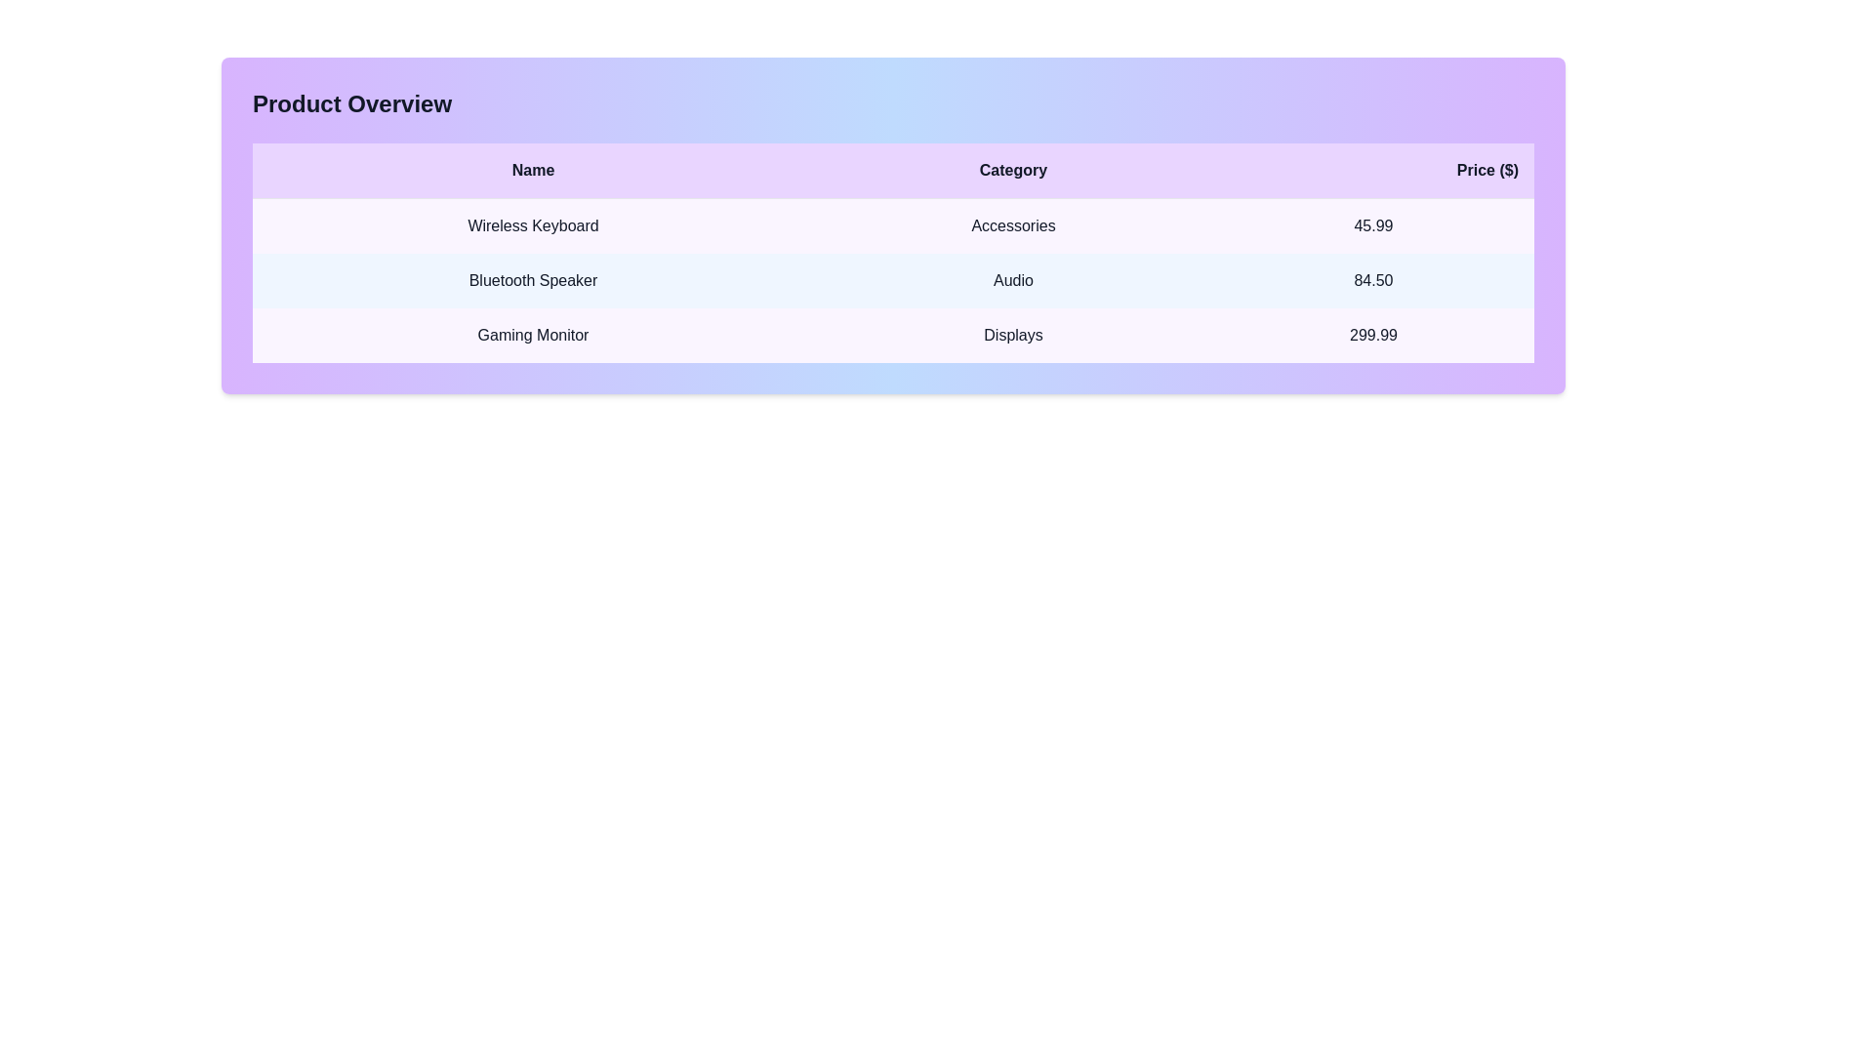  I want to click on the 'Name' text label, which is the first column header in a three-column table layout, with a simple black font on a light purple background, so click(533, 170).